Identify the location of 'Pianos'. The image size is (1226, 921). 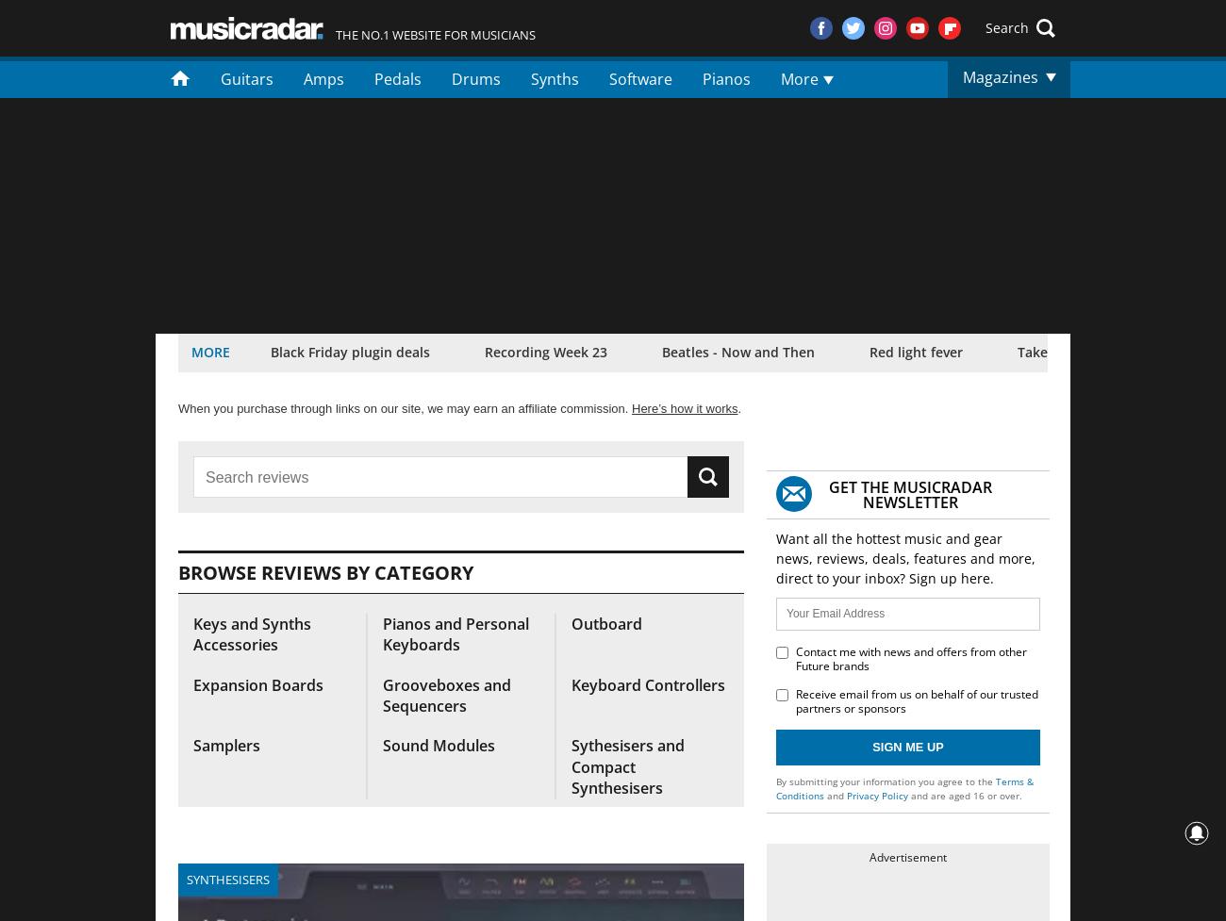
(725, 79).